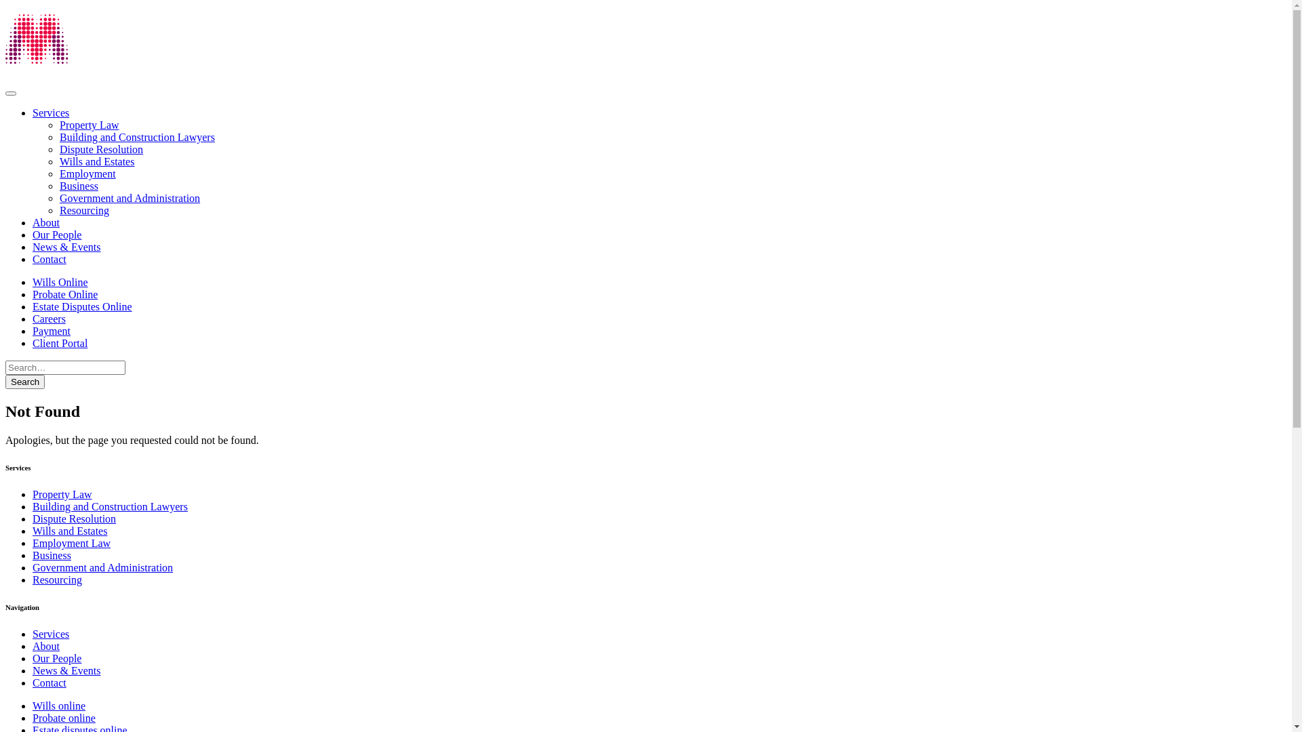 This screenshot has width=1302, height=732. What do you see at coordinates (65, 247) in the screenshot?
I see `'News & Events'` at bounding box center [65, 247].